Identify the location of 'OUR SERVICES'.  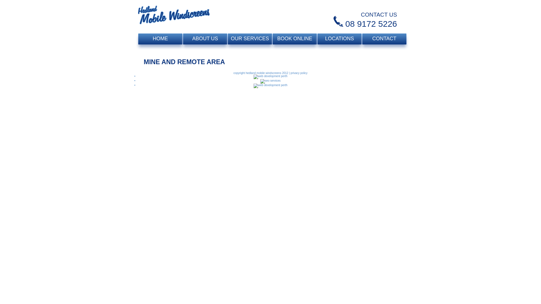
(250, 39).